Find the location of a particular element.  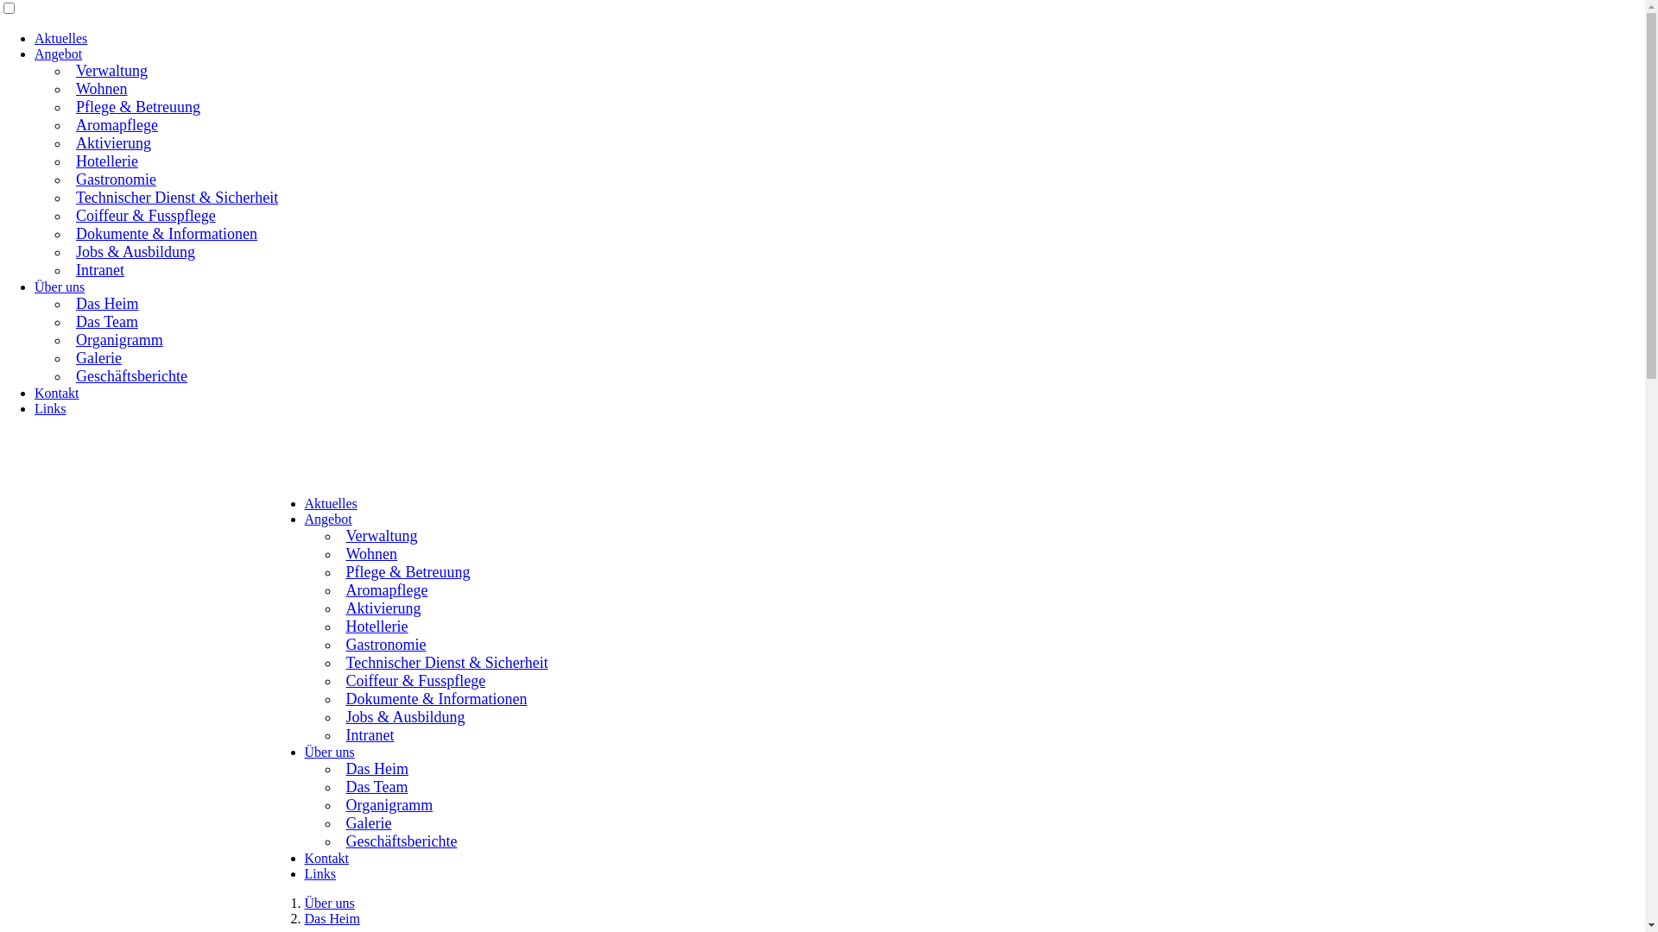

'Gastronomie' is located at coordinates (339, 642).